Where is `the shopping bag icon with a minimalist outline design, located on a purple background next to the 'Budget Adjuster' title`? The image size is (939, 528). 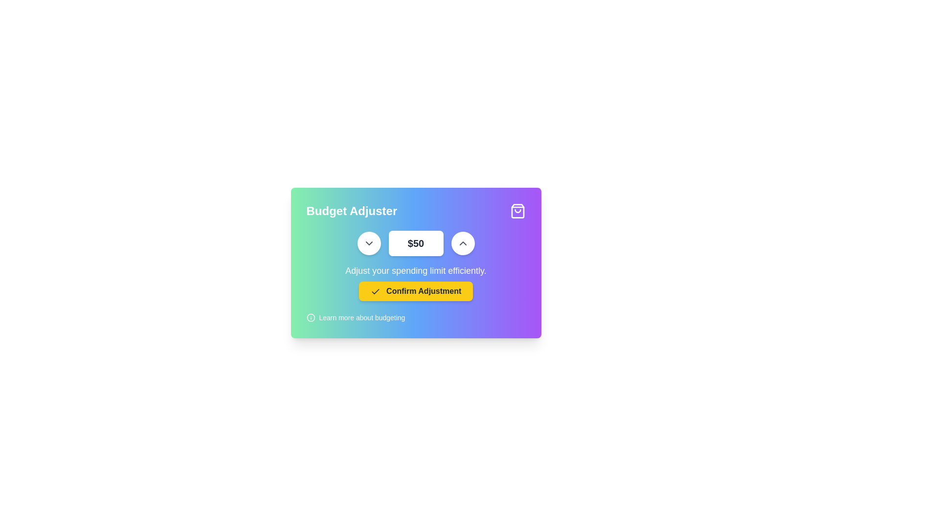 the shopping bag icon with a minimalist outline design, located on a purple background next to the 'Budget Adjuster' title is located at coordinates (517, 211).